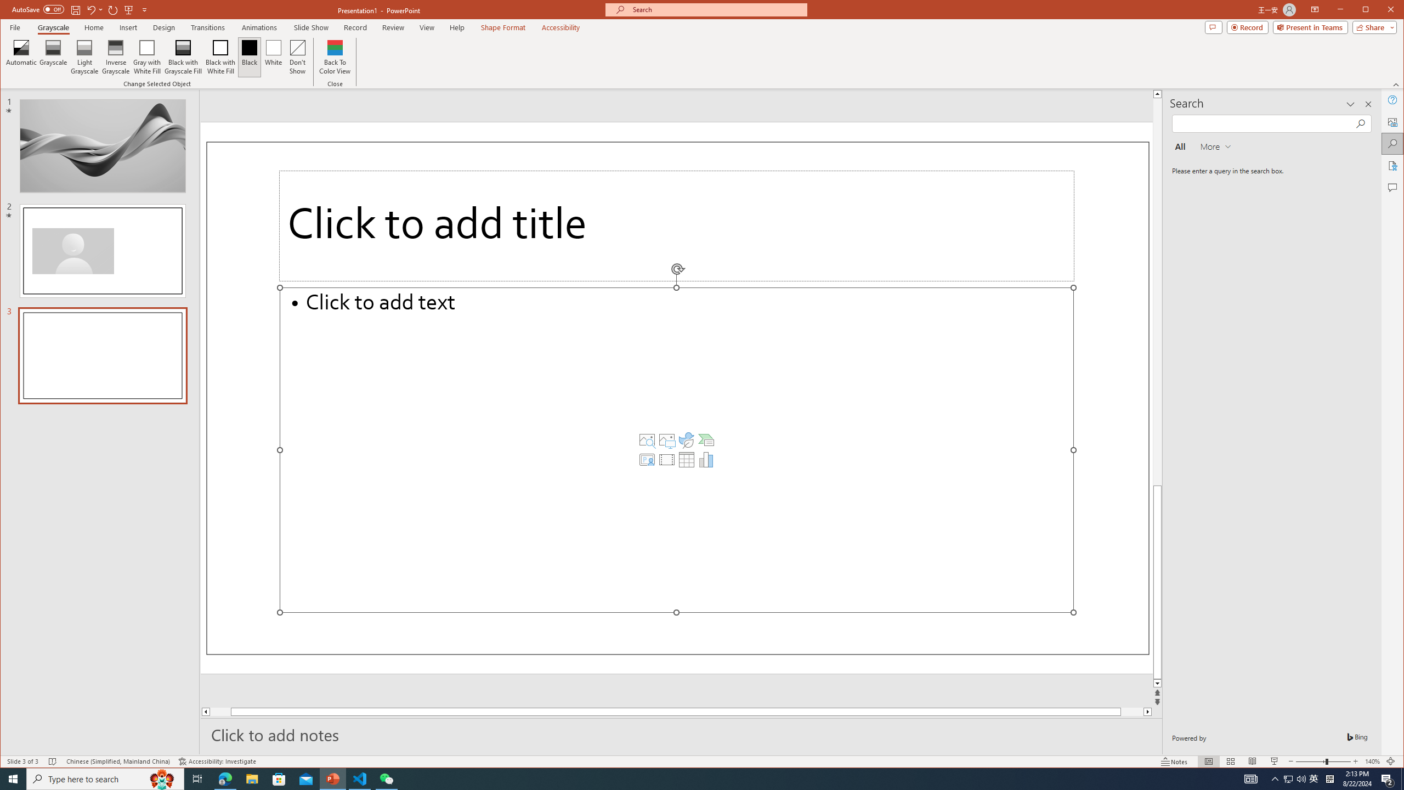 This screenshot has width=1404, height=790. I want to click on 'System', so click(10, 10).